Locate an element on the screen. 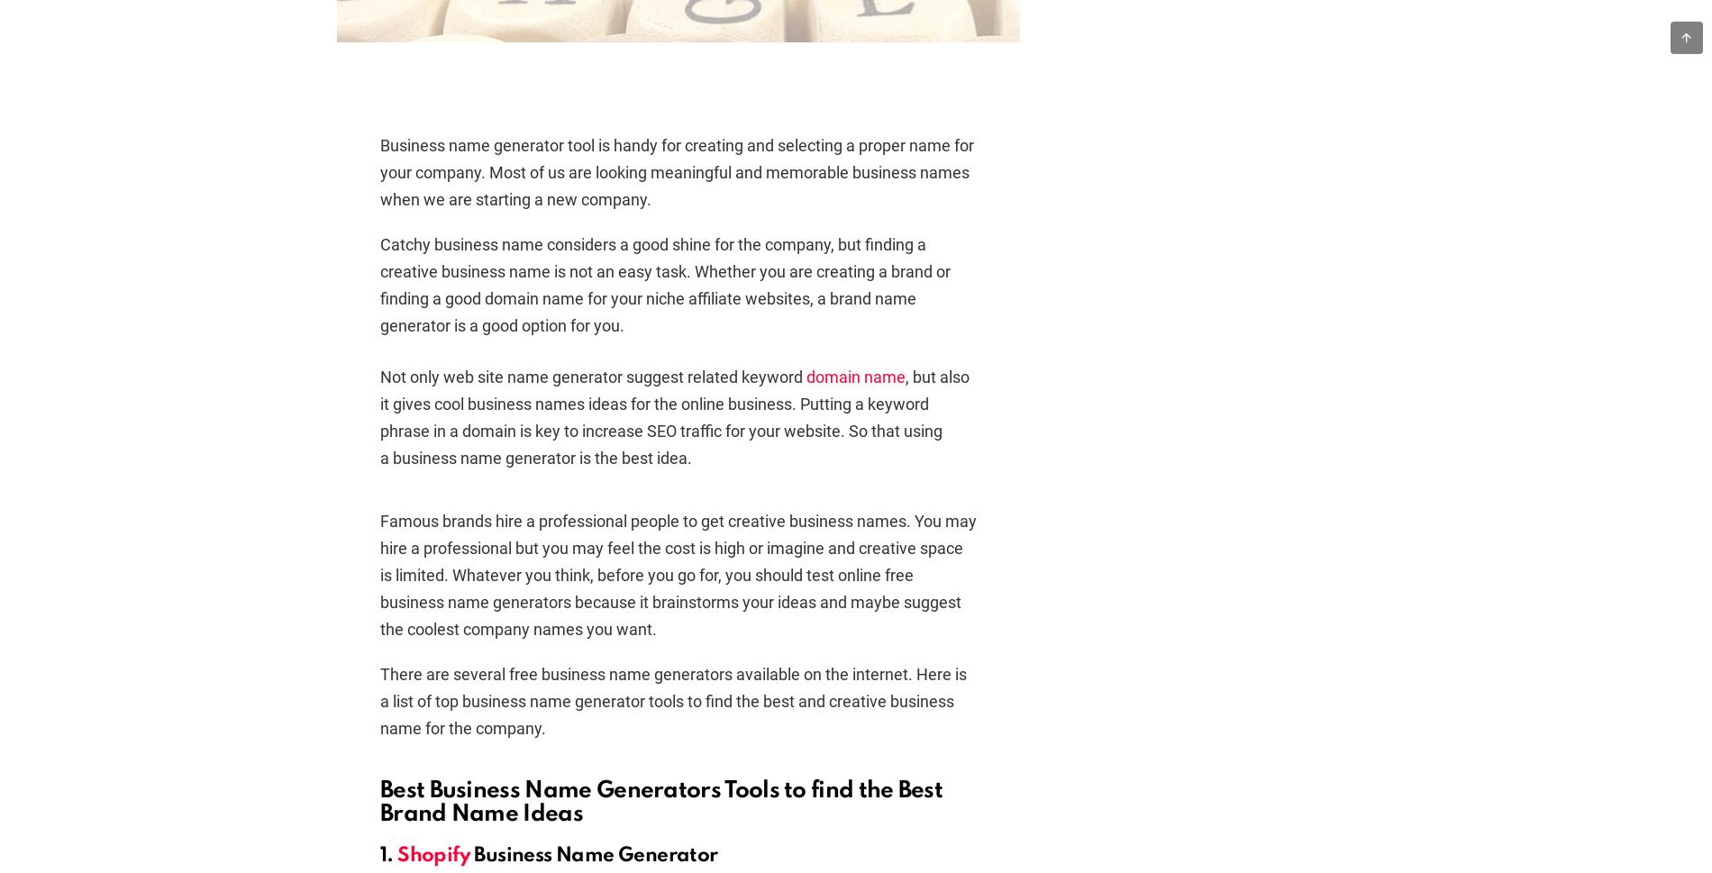  'domain name' is located at coordinates (856, 375).